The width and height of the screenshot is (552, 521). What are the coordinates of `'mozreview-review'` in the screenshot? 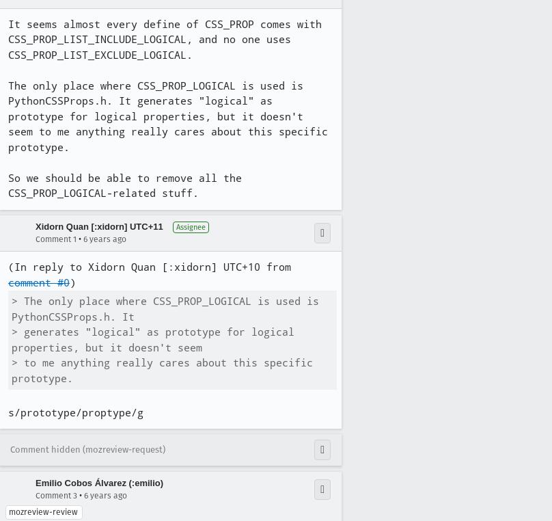 It's located at (43, 511).